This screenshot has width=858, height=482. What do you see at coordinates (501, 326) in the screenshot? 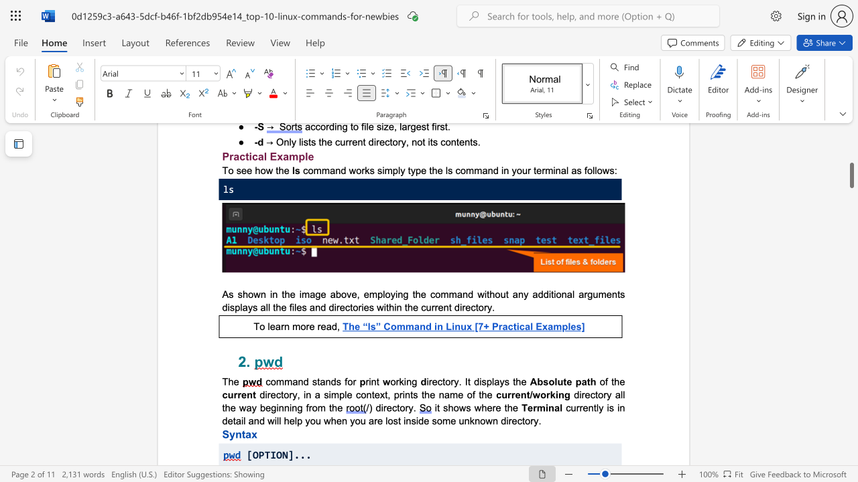
I see `the subset text "actic" within the text "The “ls” Command in Linux [7+ Practical Examples]"` at bounding box center [501, 326].